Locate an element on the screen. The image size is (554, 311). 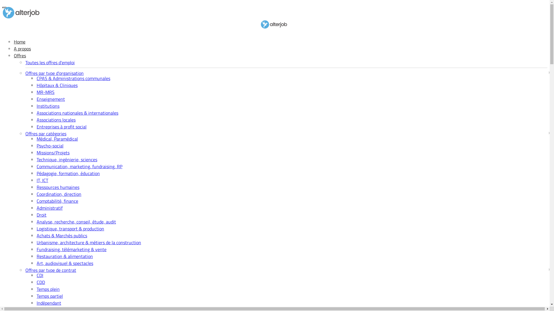
'MR-MRS' is located at coordinates (45, 92).